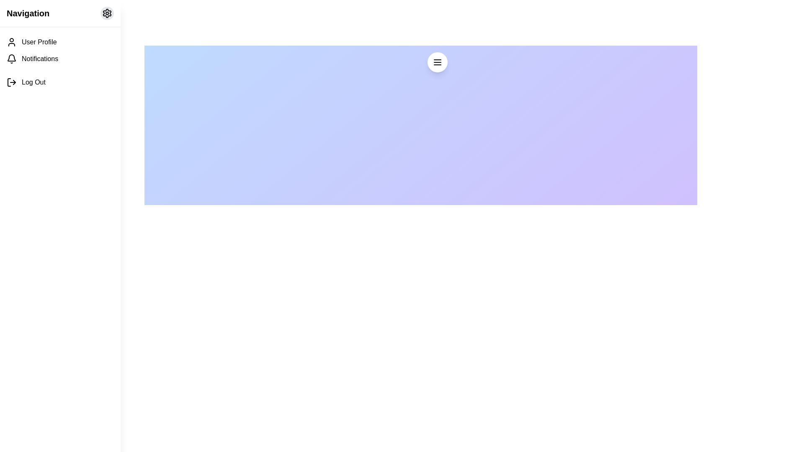  I want to click on the 'Notifications' text label in the vertical navigation menu, which is located below the 'User Profile' entry and above the 'Log Out' entry, so click(39, 59).